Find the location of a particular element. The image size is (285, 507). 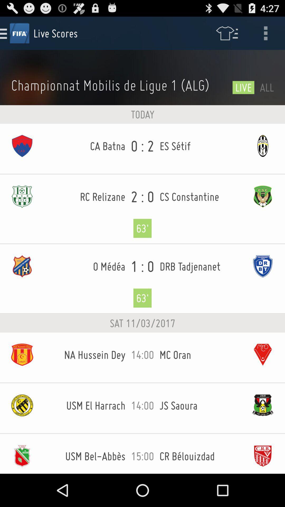

the logo left to live scores is located at coordinates (19, 33).